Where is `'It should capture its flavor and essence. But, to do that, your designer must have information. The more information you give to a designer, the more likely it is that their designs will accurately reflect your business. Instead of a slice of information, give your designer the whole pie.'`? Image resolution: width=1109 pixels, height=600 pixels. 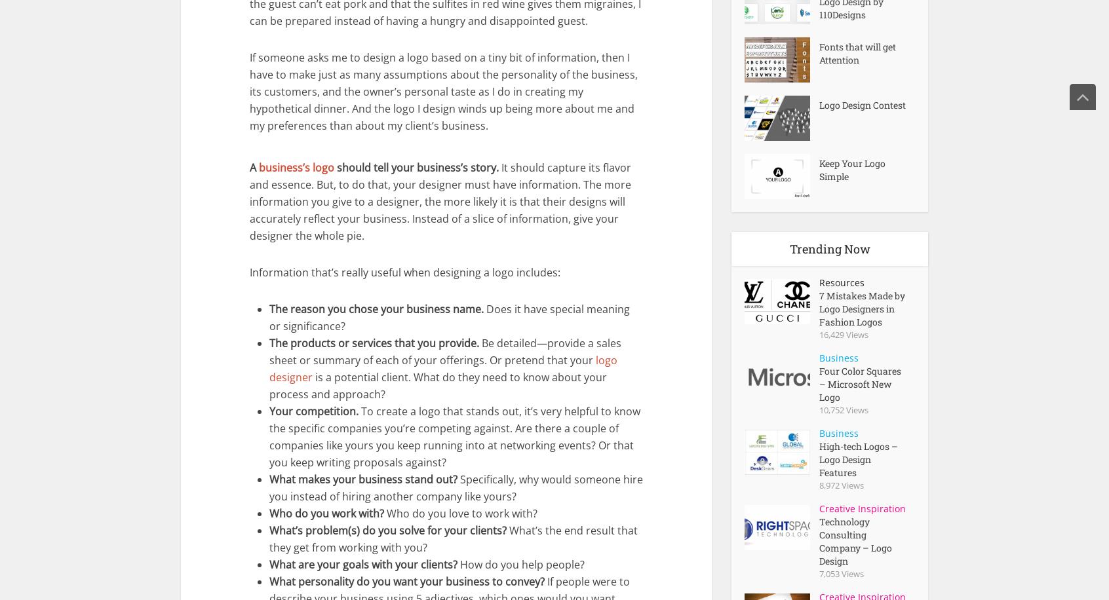
'It should capture its flavor and essence. But, to do that, your designer must have information. The more information you give to a designer, the more likely it is that their designs will accurately reflect your business. Instead of a slice of information, give your designer the whole pie.' is located at coordinates (440, 200).